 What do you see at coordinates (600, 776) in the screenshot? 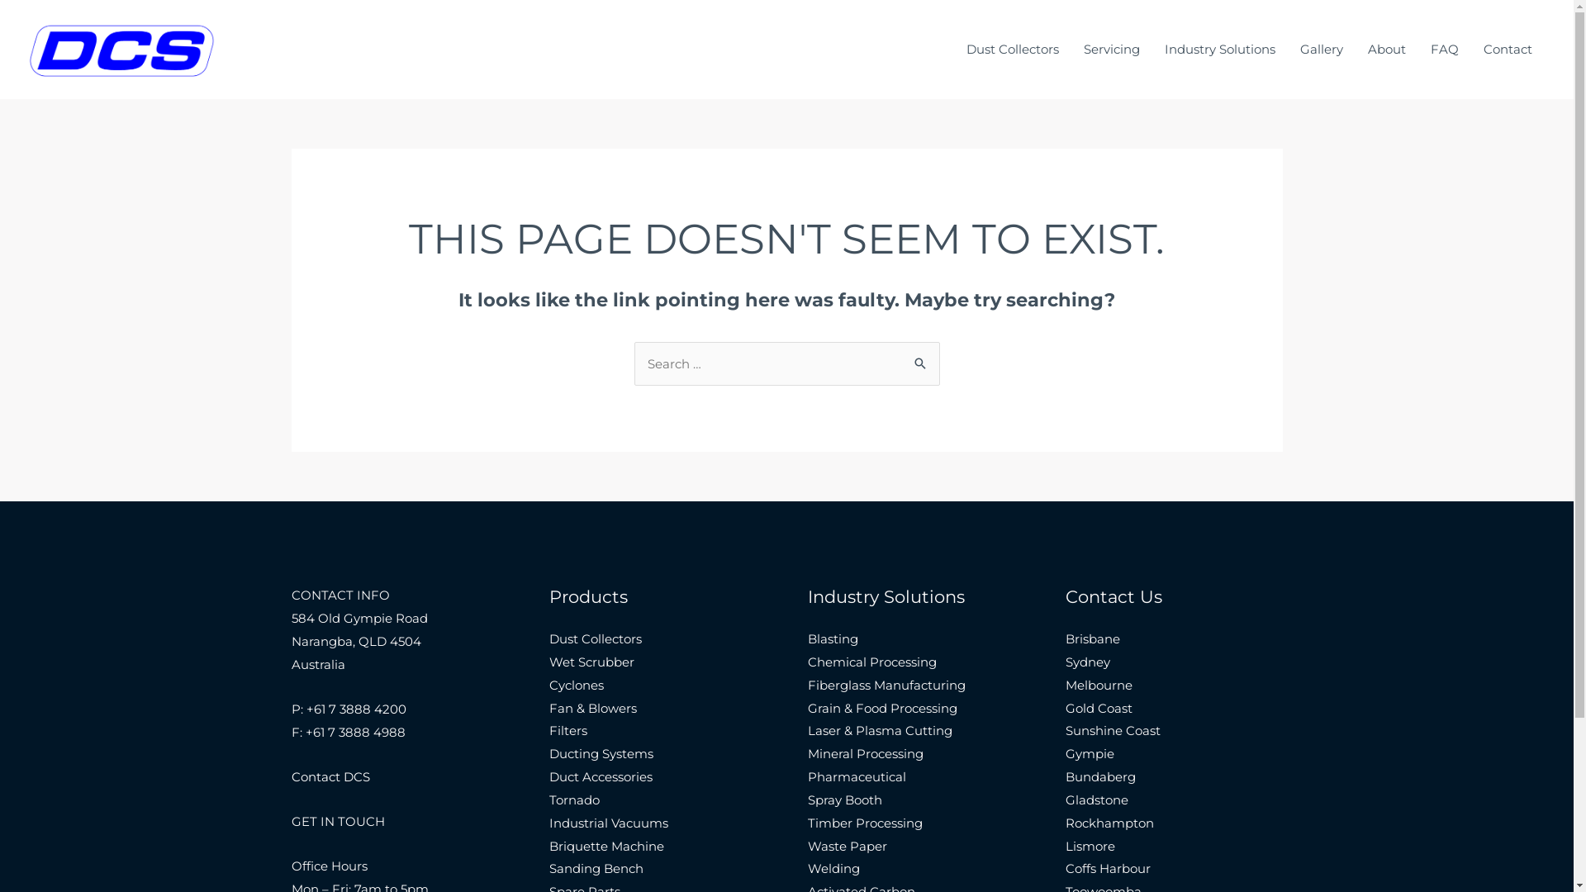
I see `'Duct Accessories'` at bounding box center [600, 776].